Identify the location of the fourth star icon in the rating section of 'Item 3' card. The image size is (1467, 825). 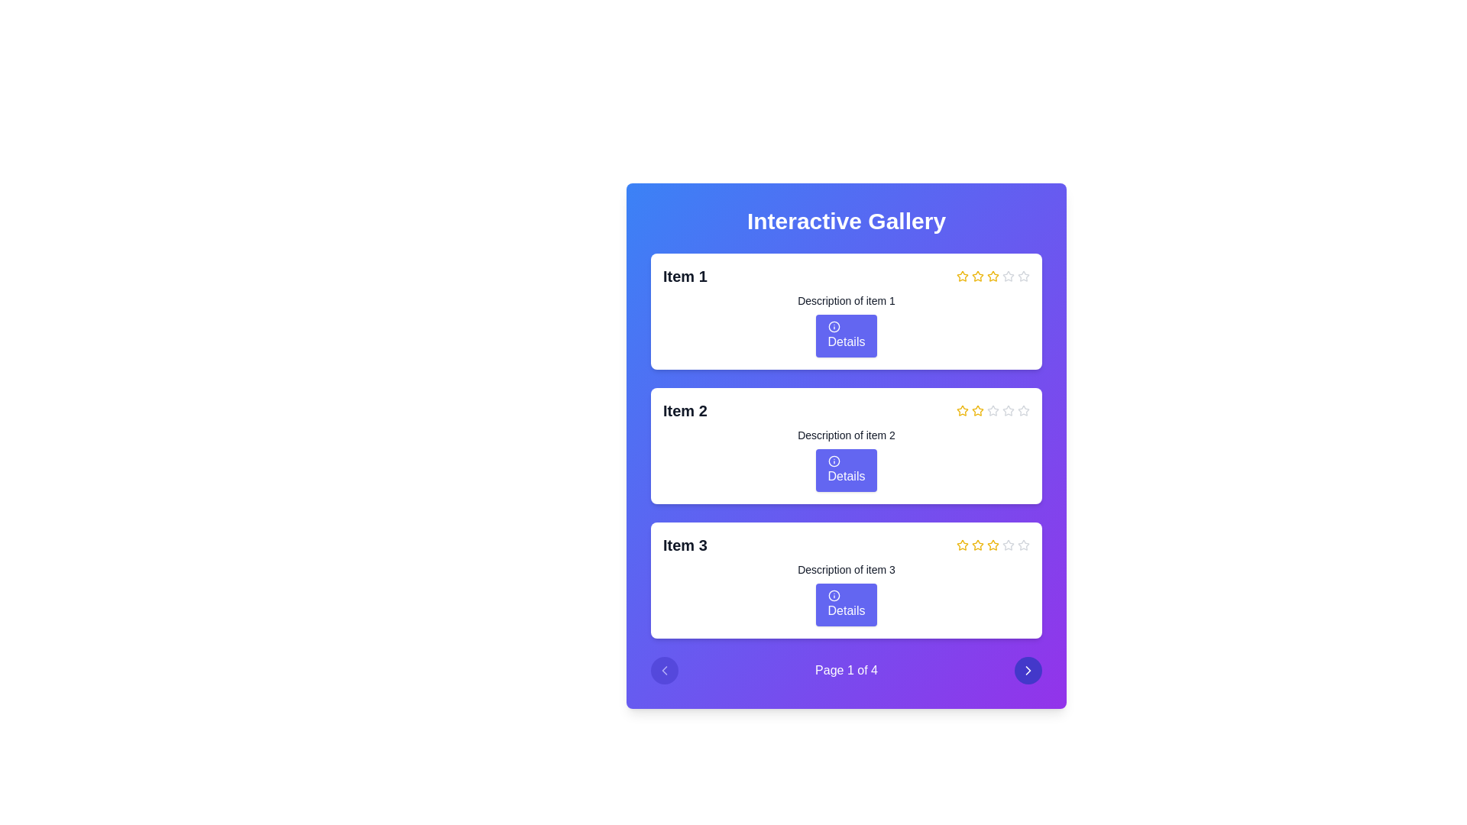
(993, 544).